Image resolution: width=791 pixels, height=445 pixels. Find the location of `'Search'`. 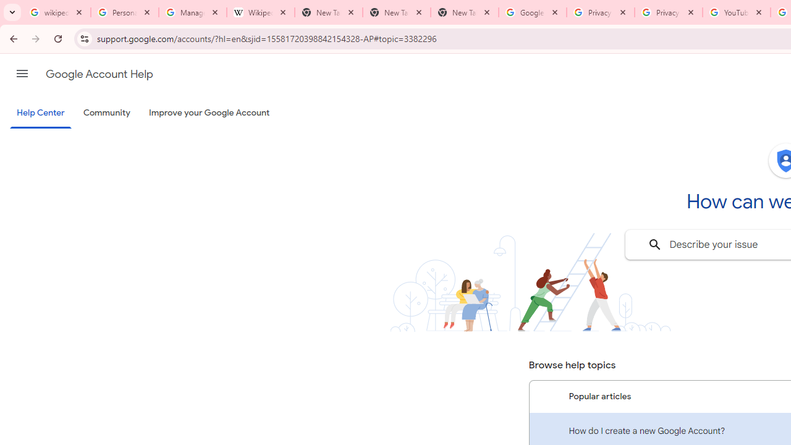

'Search' is located at coordinates (654, 245).